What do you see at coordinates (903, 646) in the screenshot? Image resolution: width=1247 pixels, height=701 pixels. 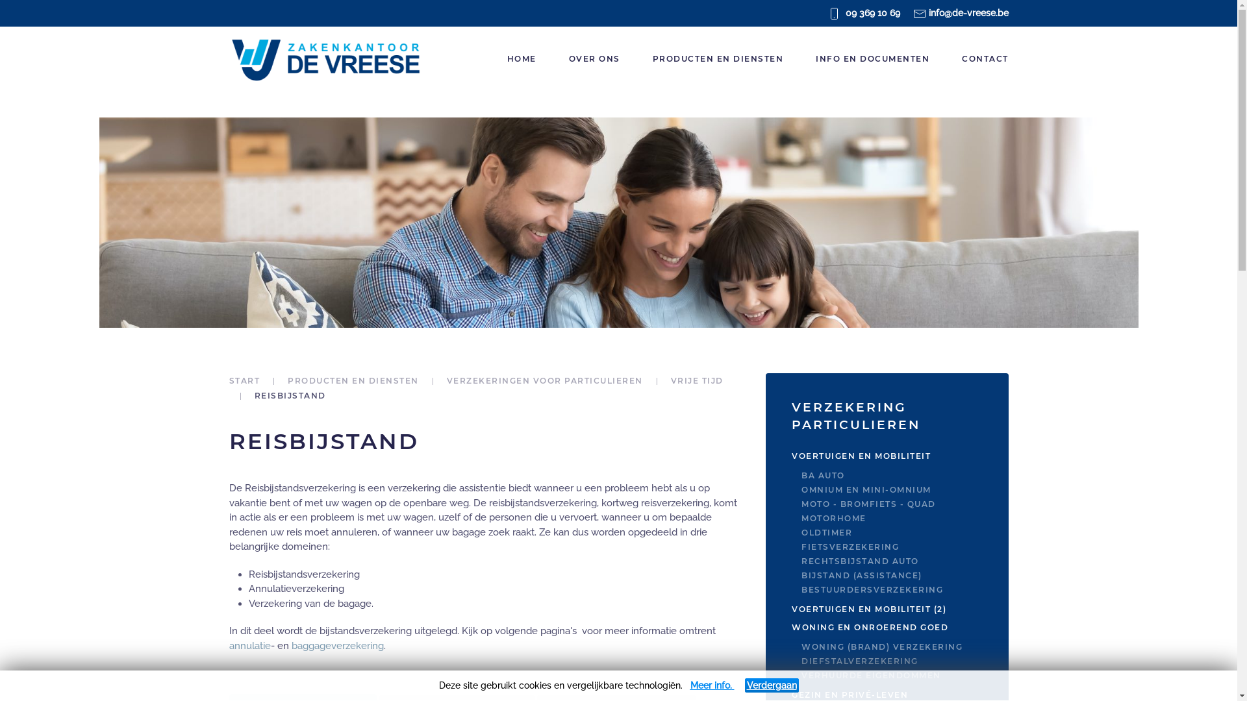 I see `'WONING (BRAND) VERZEKERING'` at bounding box center [903, 646].